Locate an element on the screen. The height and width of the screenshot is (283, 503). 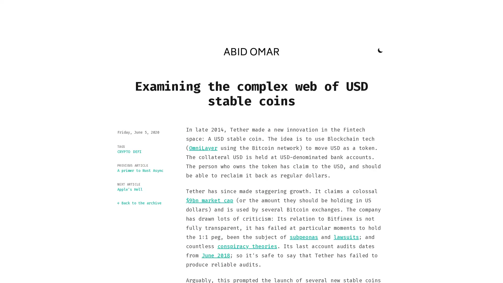
Toggle Dark Mode is located at coordinates (380, 50).